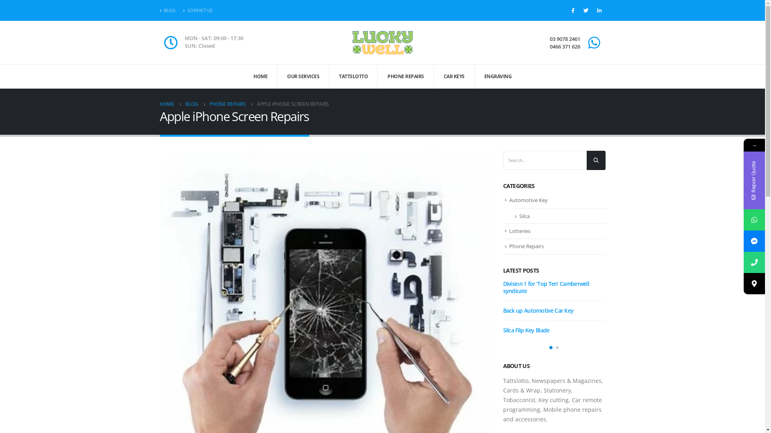 This screenshot has height=433, width=771. Describe the element at coordinates (599, 10) in the screenshot. I see `'LinkedIn'` at that location.